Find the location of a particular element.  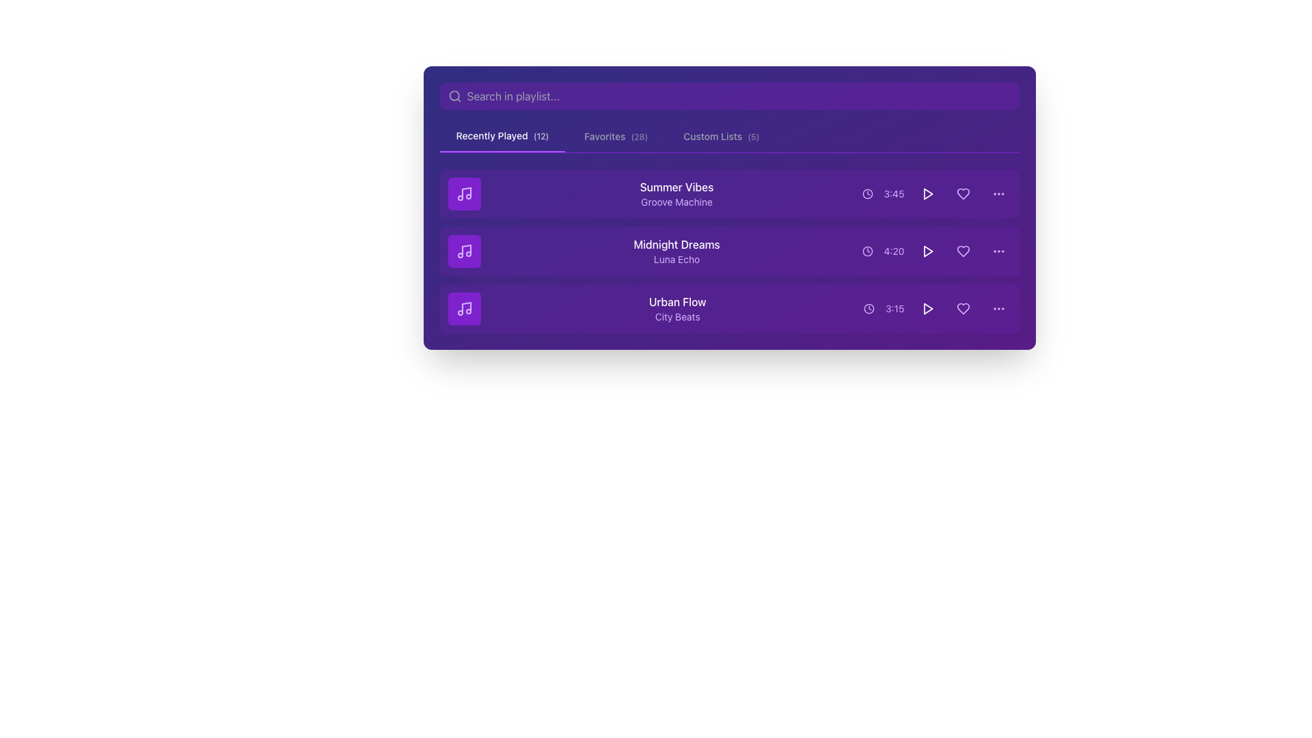

the Icon (Horizontal Ellipsis Button) for the song 'Summer Vibes' is located at coordinates (998, 194).